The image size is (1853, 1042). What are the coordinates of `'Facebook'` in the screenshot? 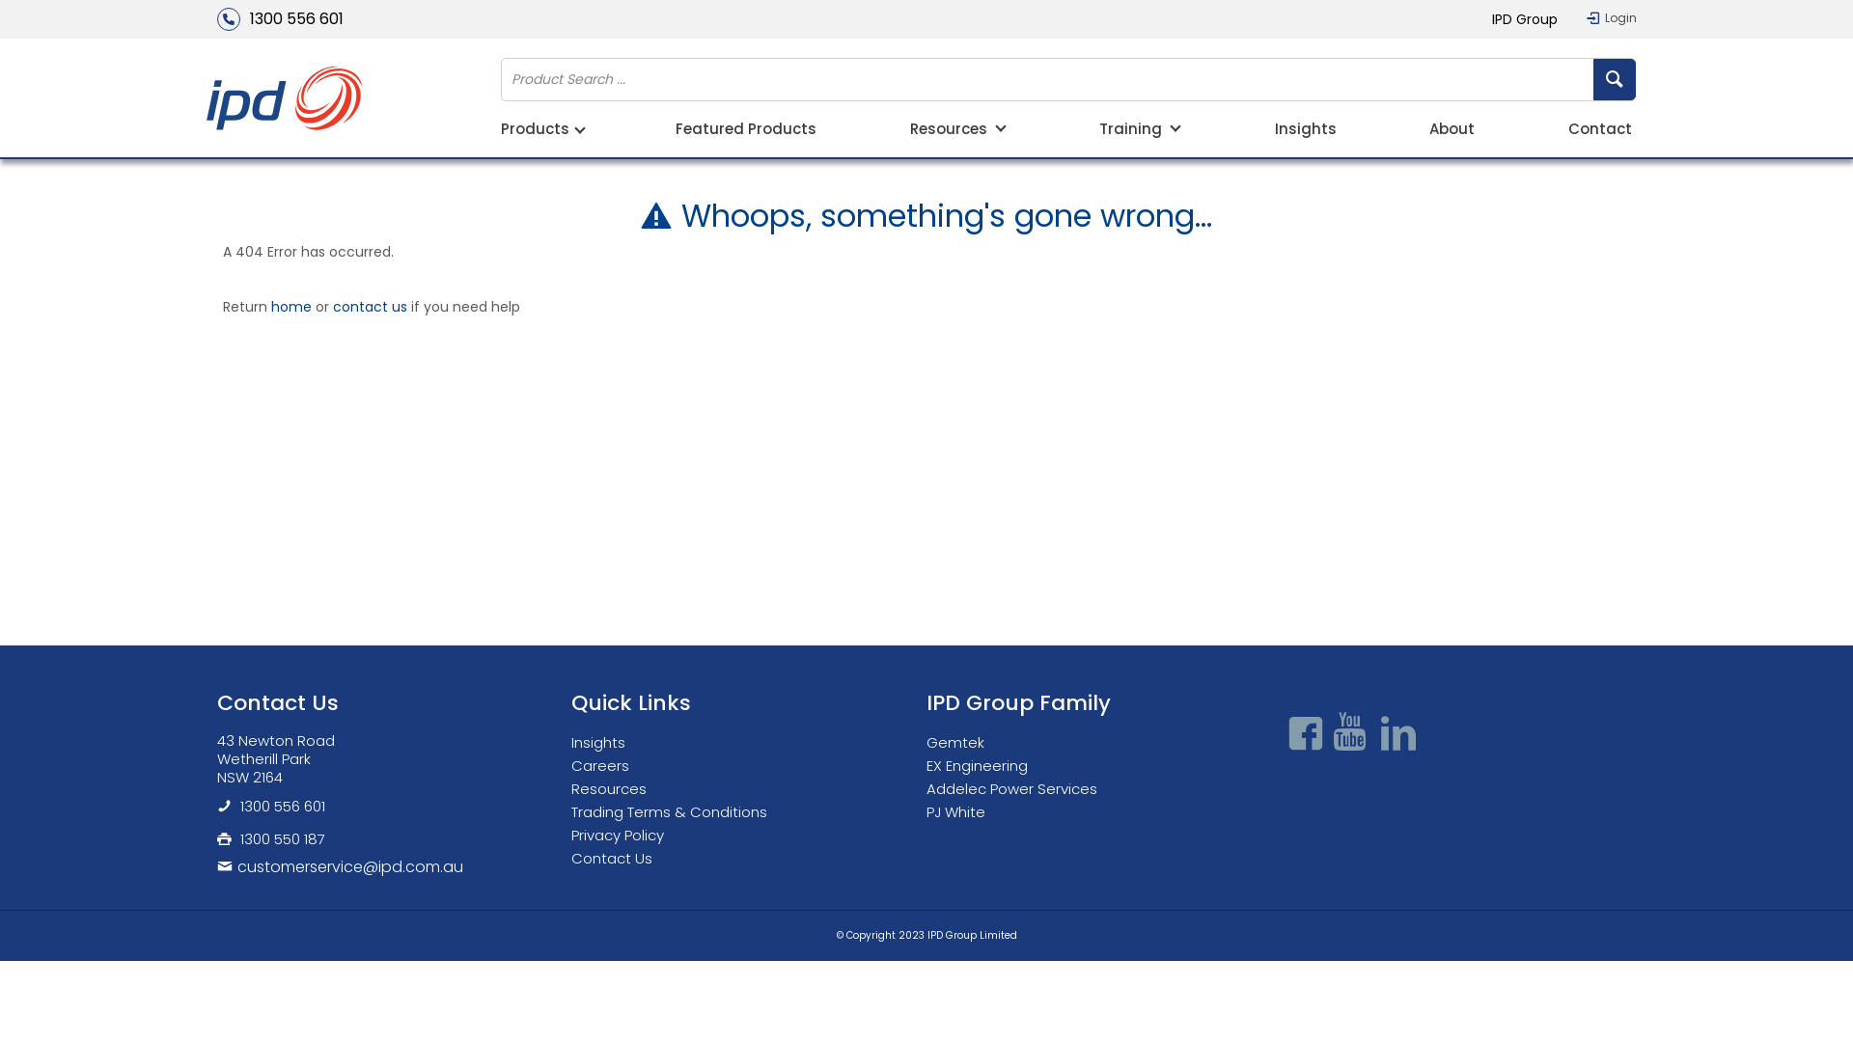 It's located at (1282, 733).